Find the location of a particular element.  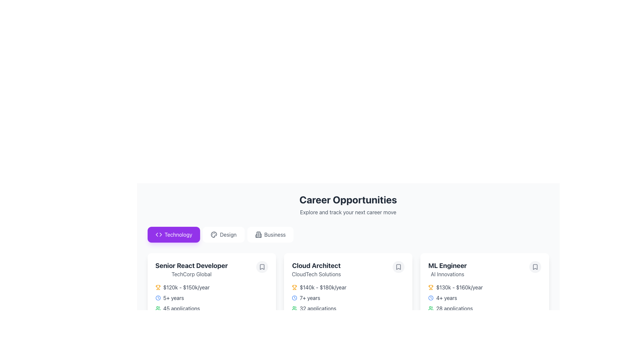

the progress bar located at the bottom of the 'Cloud Architect' job listing card, which visually conveys progress or completion percentage related to the job search process is located at coordinates (339, 345).